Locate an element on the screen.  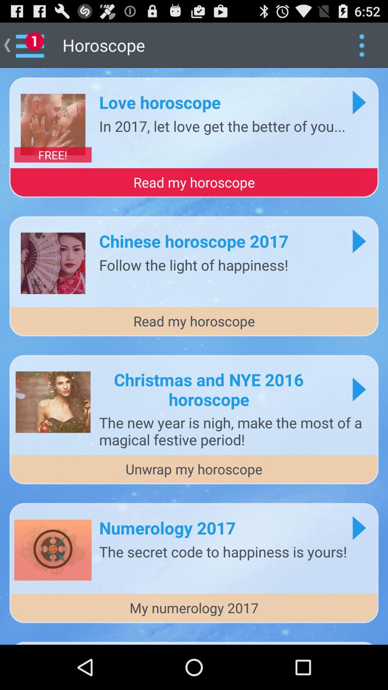
icon to the right of horoscope item is located at coordinates (361, 45).